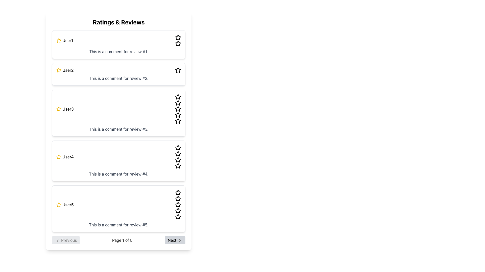  Describe the element at coordinates (178, 121) in the screenshot. I see `the fourth star icon in the five-star rating system located in the comment section for 'User3'` at that location.